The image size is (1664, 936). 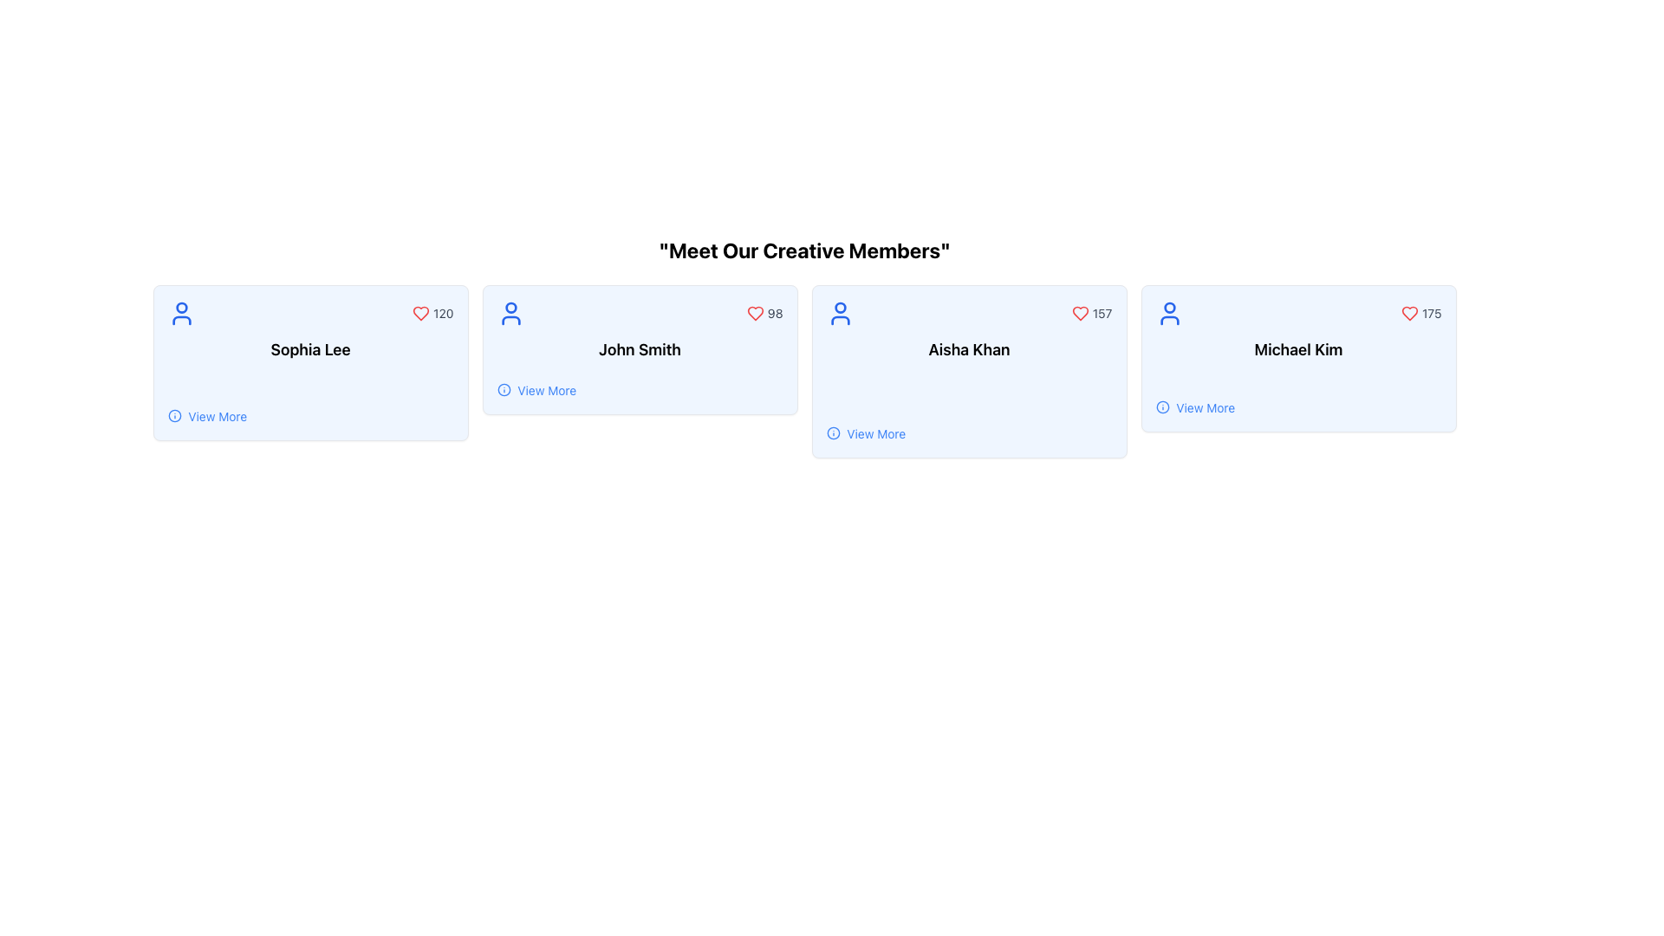 I want to click on the user profile icon represented as an SVG graphic with a blue stroke outline located in the top-left corner of the card containing the text 'Michael Kim' and '175', so click(x=1169, y=314).